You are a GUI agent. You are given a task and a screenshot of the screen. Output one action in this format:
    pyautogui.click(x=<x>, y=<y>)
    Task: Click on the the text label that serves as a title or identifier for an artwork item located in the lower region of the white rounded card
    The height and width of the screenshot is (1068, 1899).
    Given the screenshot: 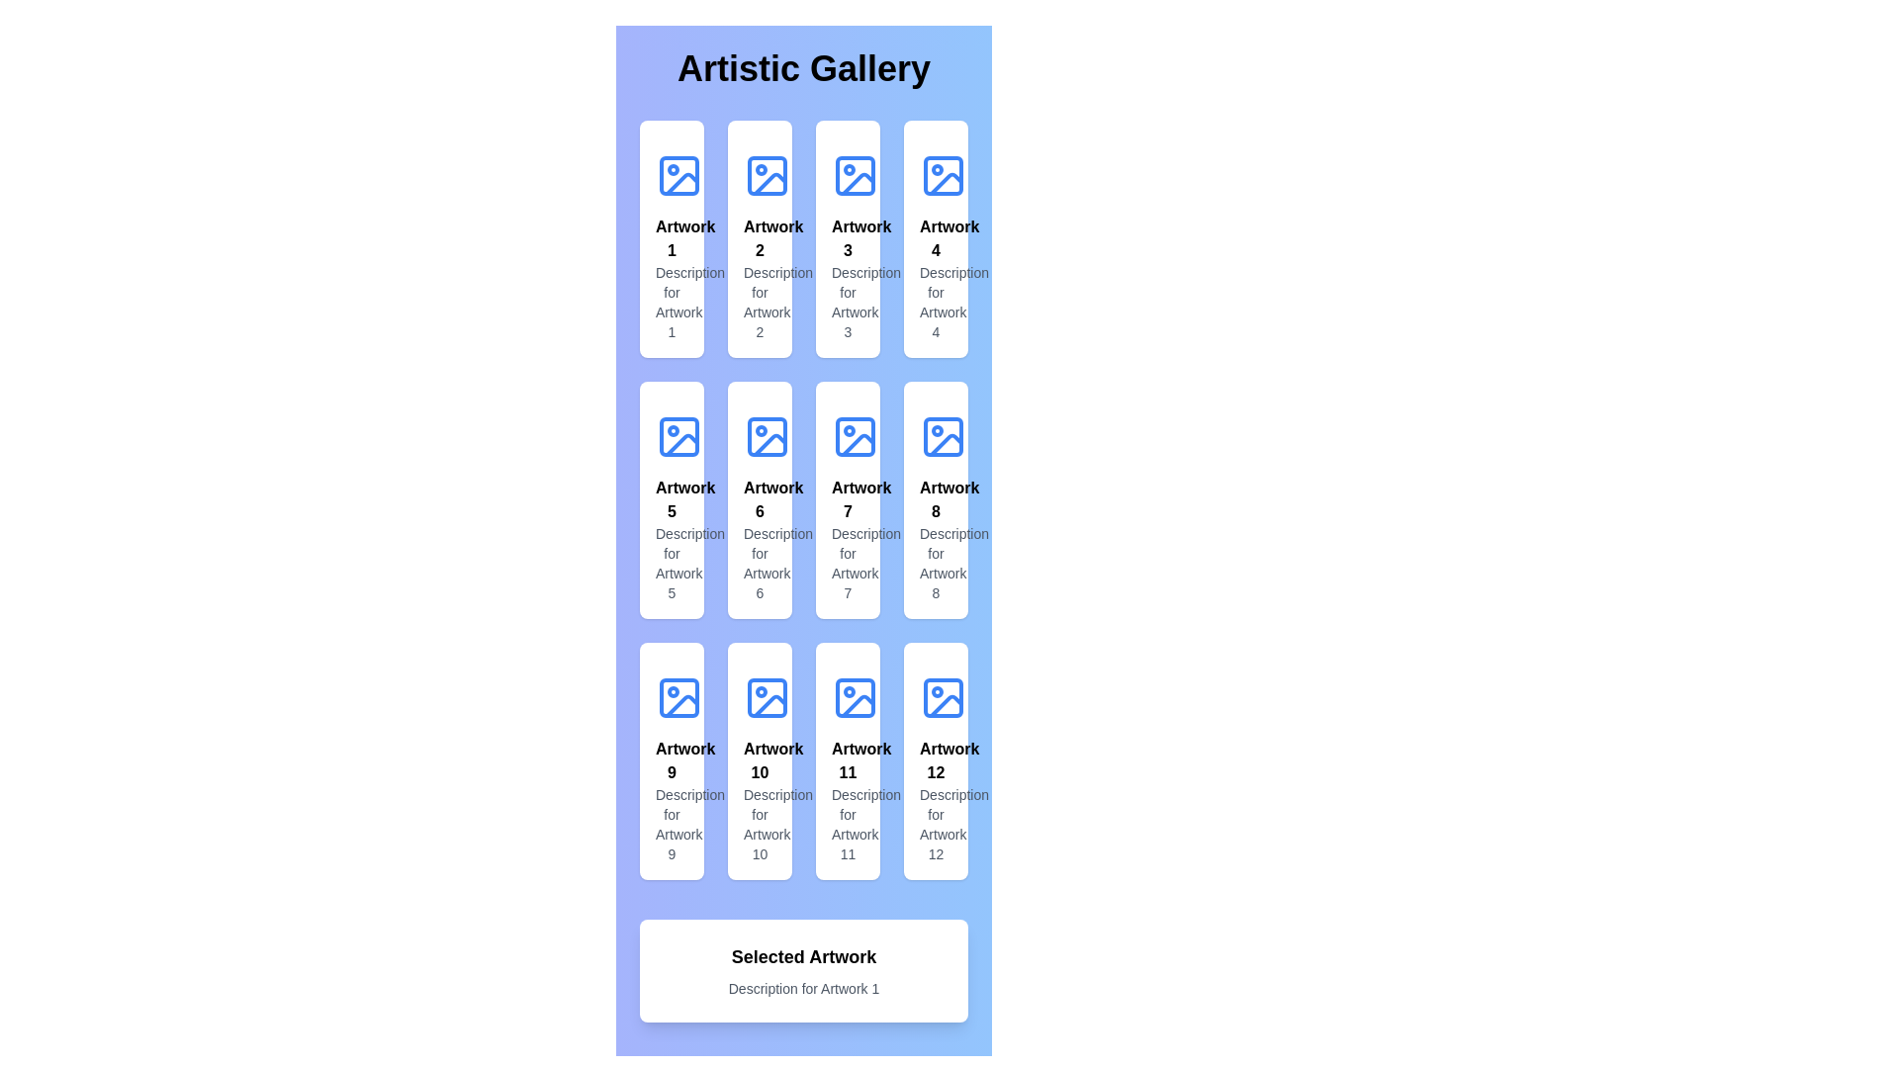 What is the action you would take?
    pyautogui.click(x=759, y=760)
    